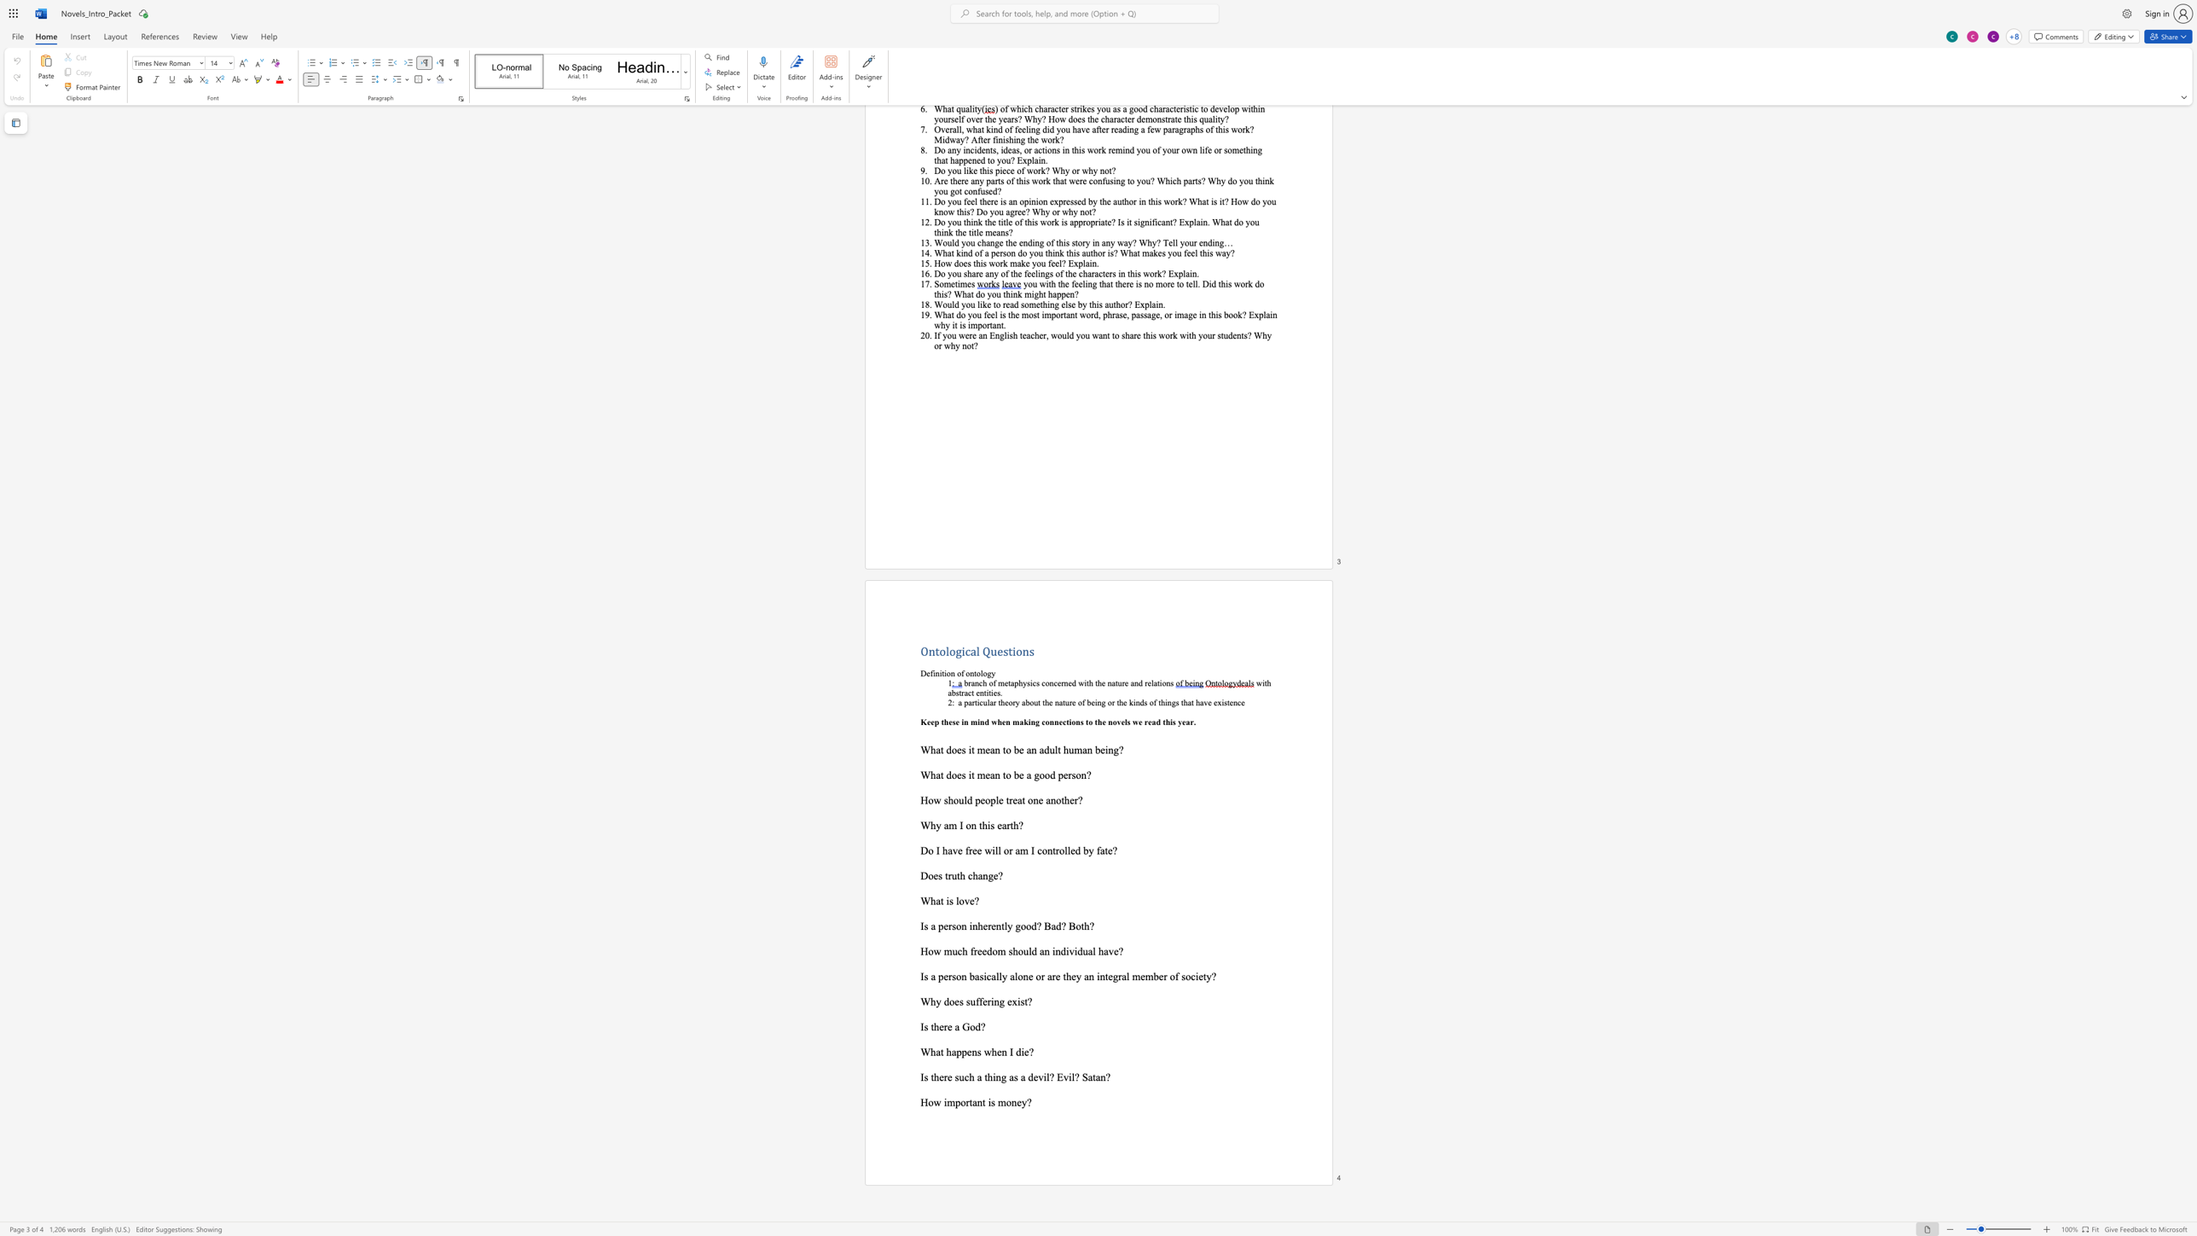 This screenshot has width=2197, height=1236. What do you see at coordinates (979, 1026) in the screenshot?
I see `the space between the continuous character "d" and "?" in the text` at bounding box center [979, 1026].